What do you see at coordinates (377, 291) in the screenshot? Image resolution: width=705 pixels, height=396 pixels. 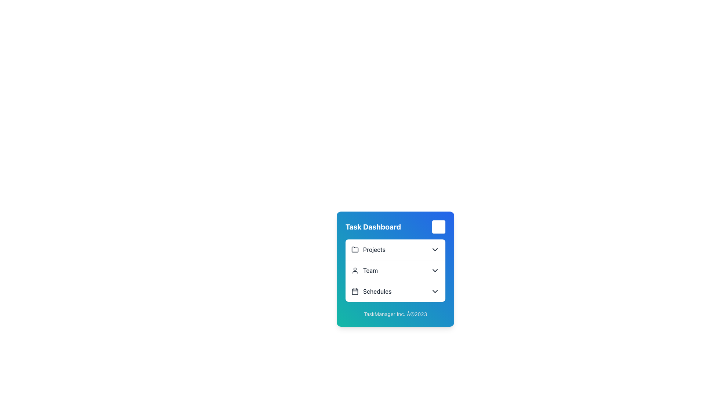 I see `the 'Schedules' menu option located in the 'Task Dashboard' dropdown menu` at bounding box center [377, 291].